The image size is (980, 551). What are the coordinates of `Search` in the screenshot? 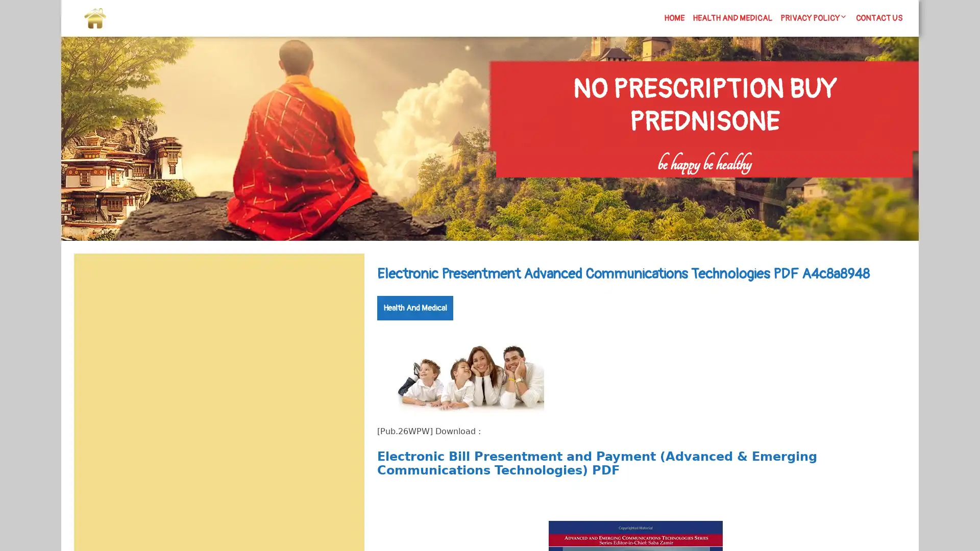 It's located at (340, 278).